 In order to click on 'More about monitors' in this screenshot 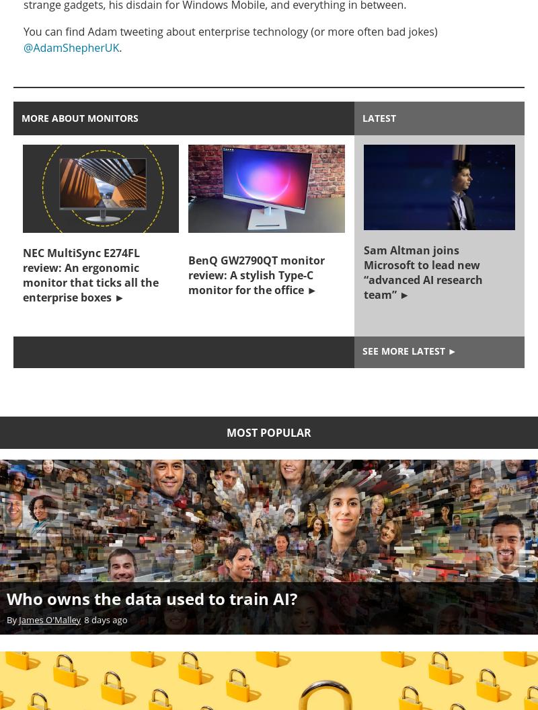, I will do `click(79, 117)`.